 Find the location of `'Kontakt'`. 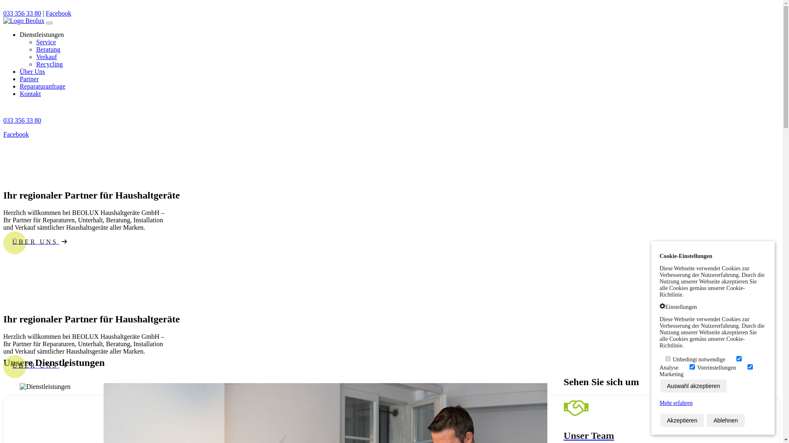

'Kontakt' is located at coordinates (30, 93).